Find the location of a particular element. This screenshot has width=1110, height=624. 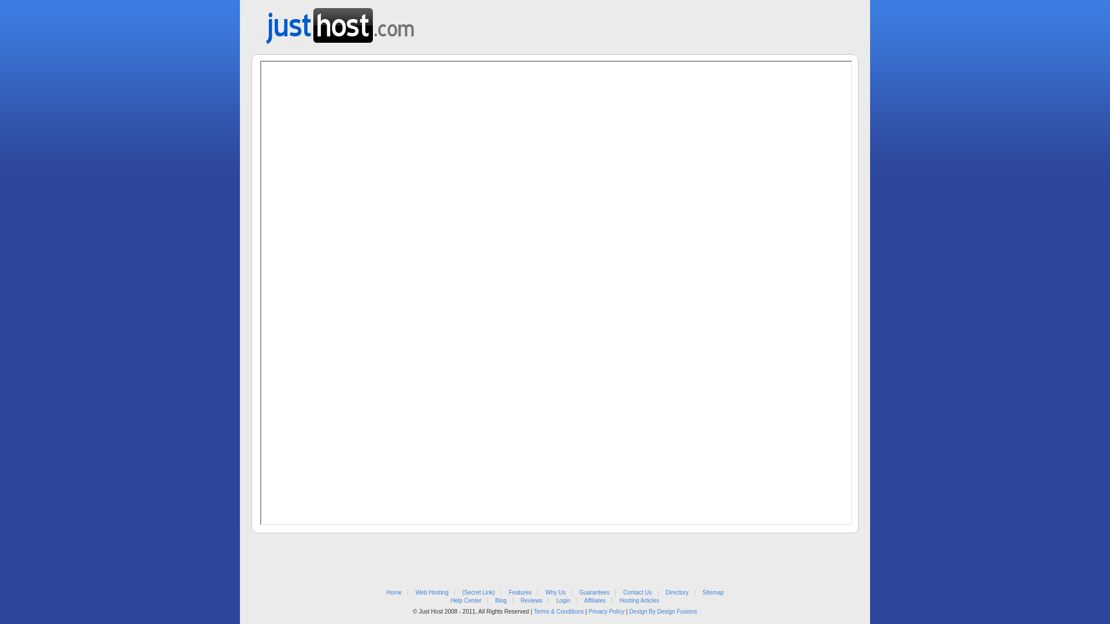

'(Secret Link)' is located at coordinates (479, 592).